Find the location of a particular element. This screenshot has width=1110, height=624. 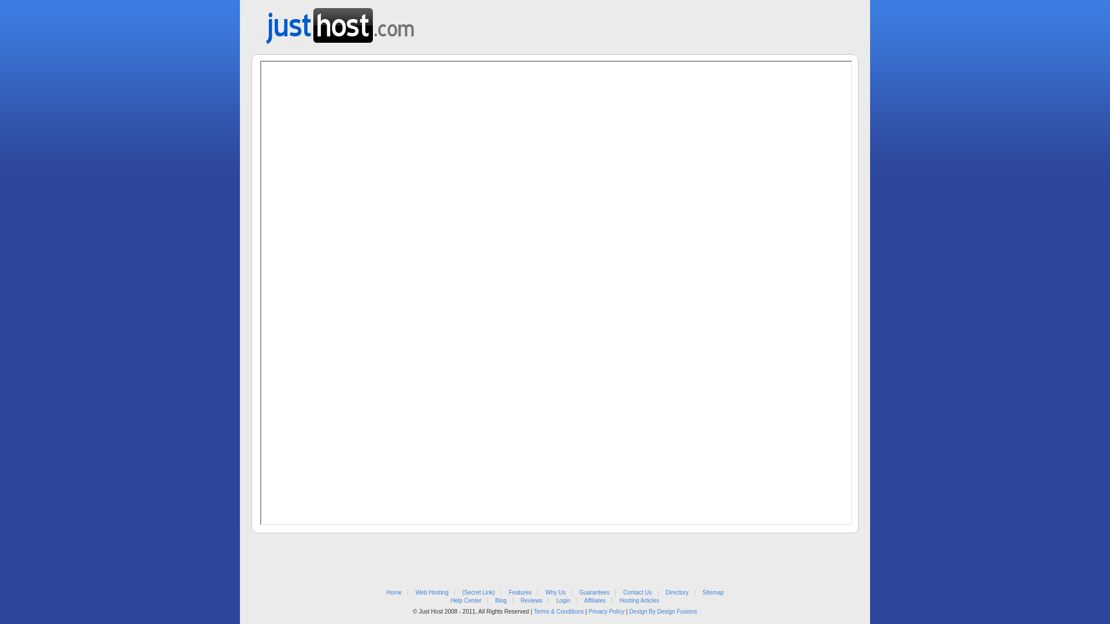

'(Secret Link)' is located at coordinates (479, 592).